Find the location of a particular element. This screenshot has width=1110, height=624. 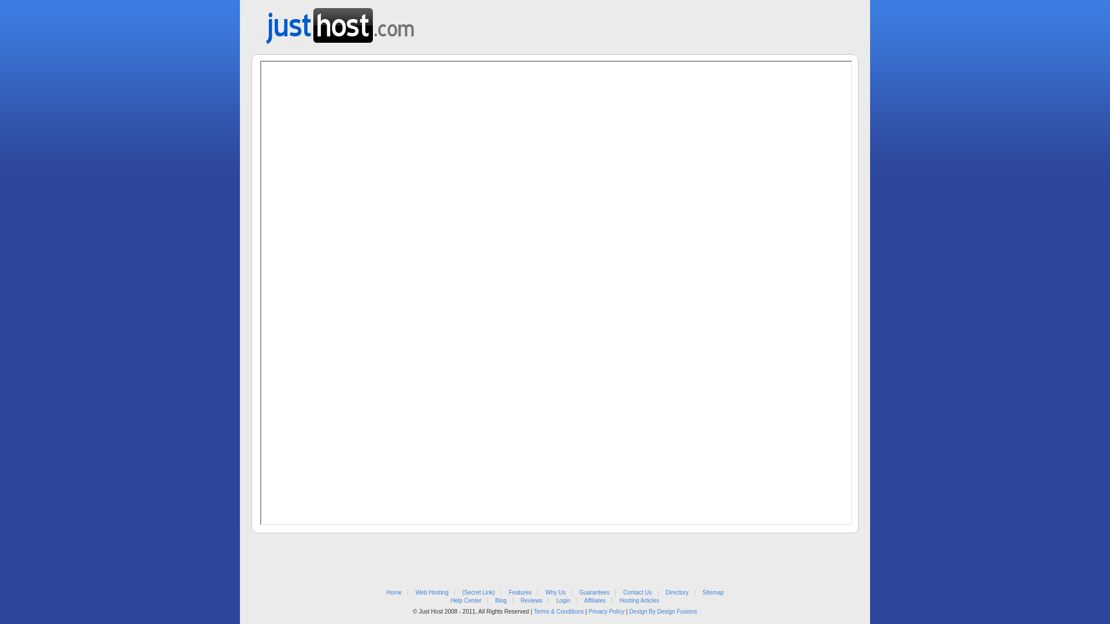

'(Secret Link)' is located at coordinates (479, 592).